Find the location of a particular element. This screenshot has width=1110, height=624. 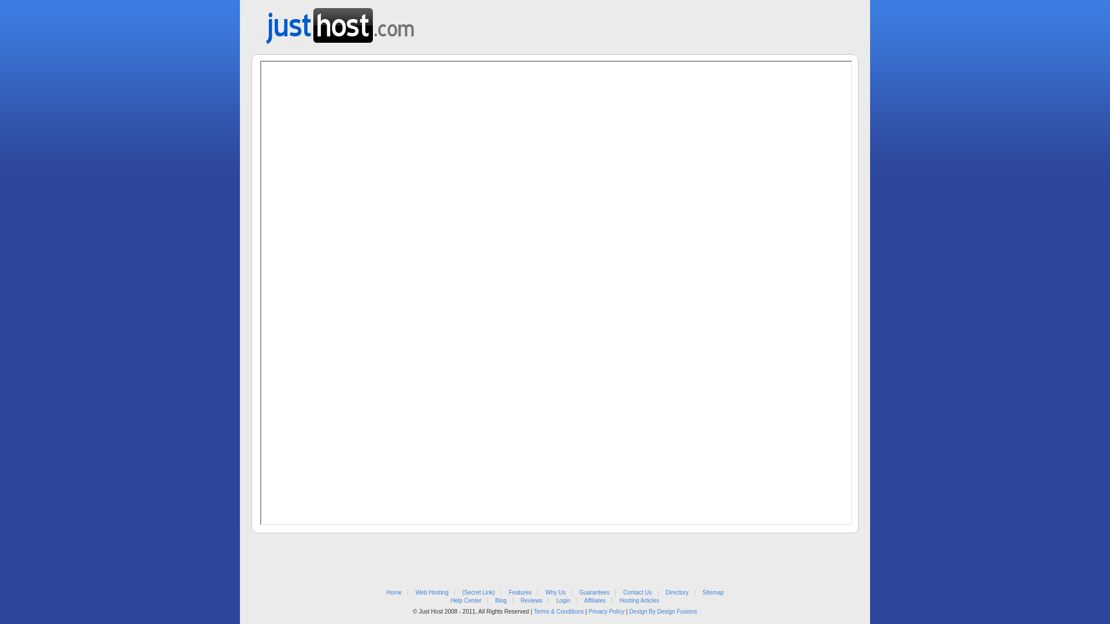

'(Secret Link)' is located at coordinates (479, 592).